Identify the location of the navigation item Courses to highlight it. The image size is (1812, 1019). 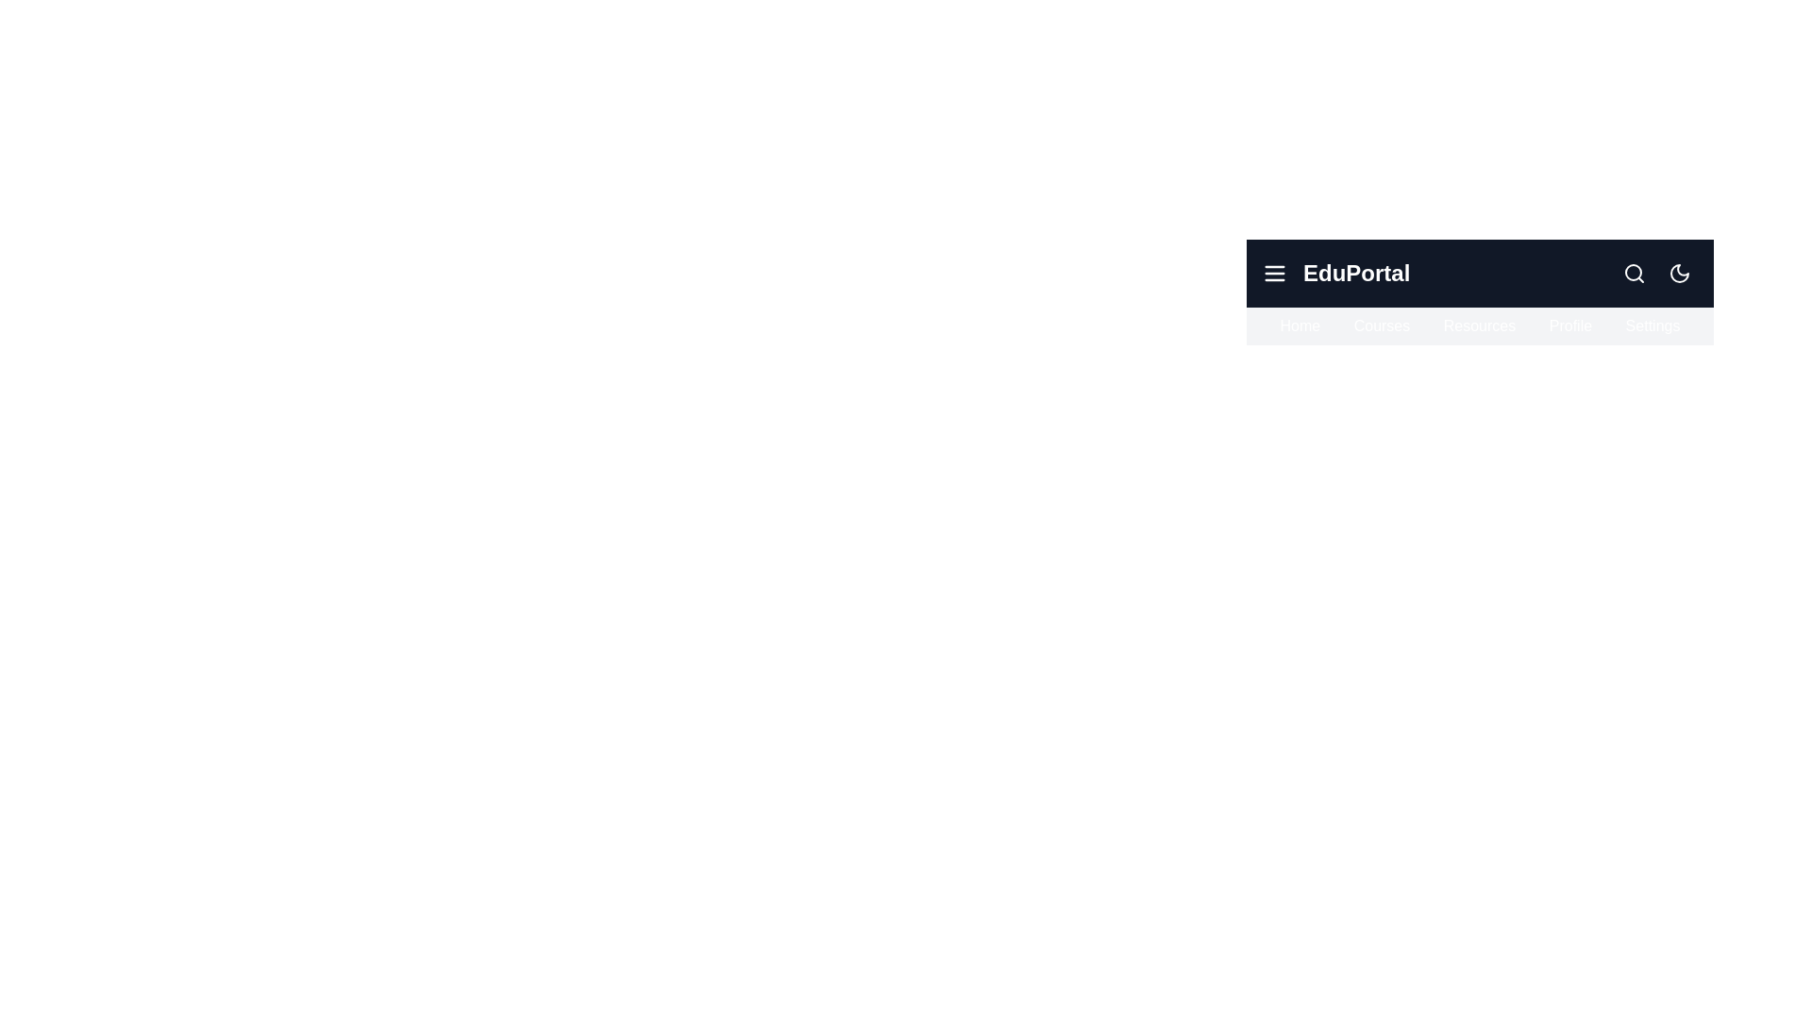
(1382, 326).